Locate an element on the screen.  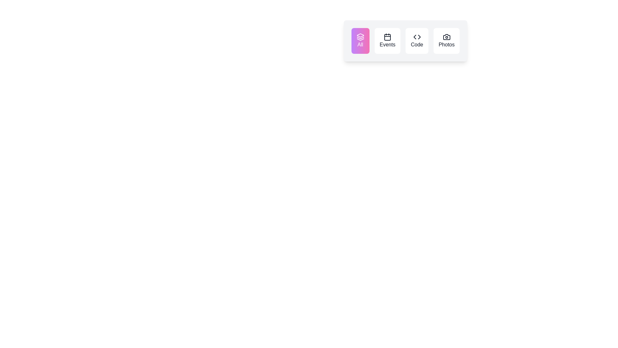
the 'Events' button, which is the second button in a row of four, located between the 'All' button and the 'Code' button is located at coordinates (387, 41).